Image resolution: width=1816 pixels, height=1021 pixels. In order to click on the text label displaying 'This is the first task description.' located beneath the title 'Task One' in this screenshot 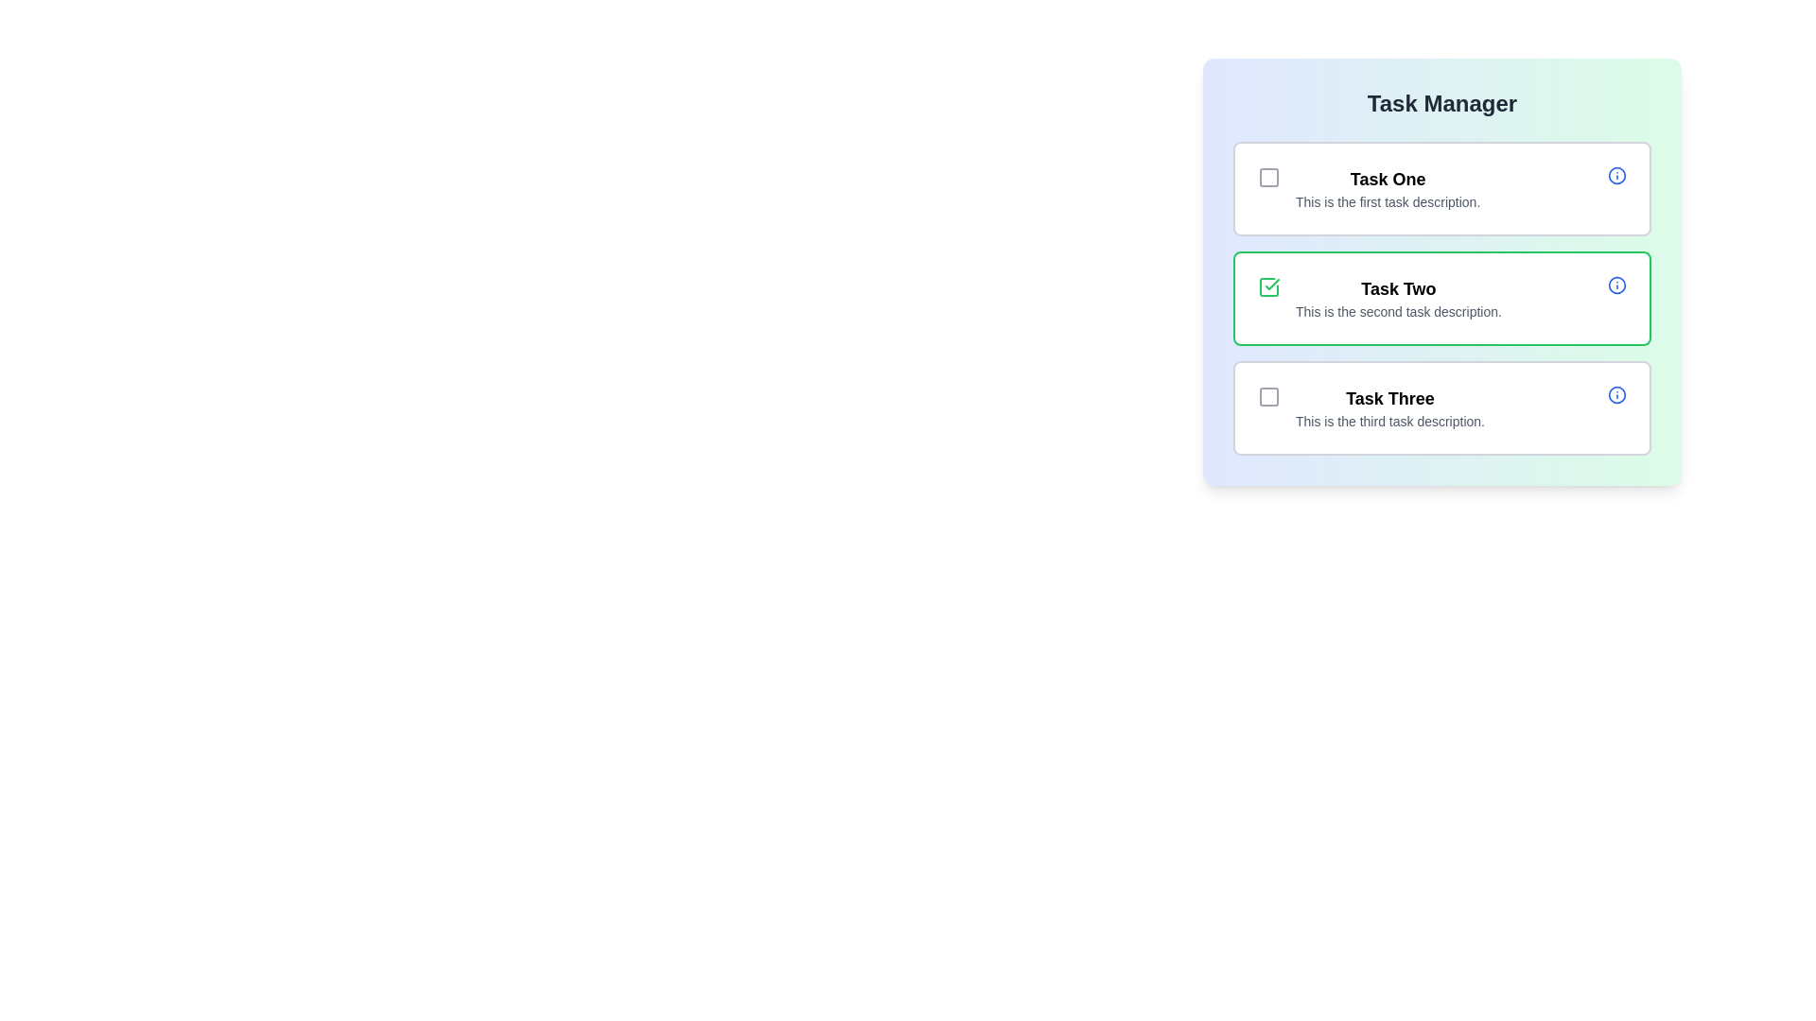, I will do `click(1388, 201)`.